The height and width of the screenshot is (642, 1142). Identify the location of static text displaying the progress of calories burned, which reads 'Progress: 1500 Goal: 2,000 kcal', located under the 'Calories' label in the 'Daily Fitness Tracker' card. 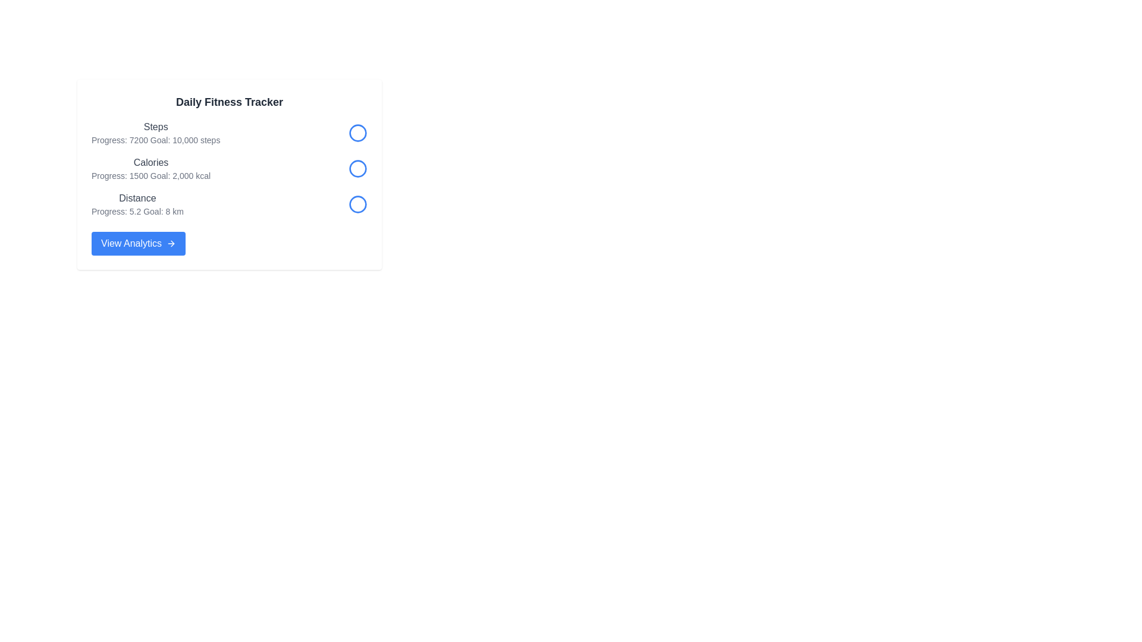
(150, 176).